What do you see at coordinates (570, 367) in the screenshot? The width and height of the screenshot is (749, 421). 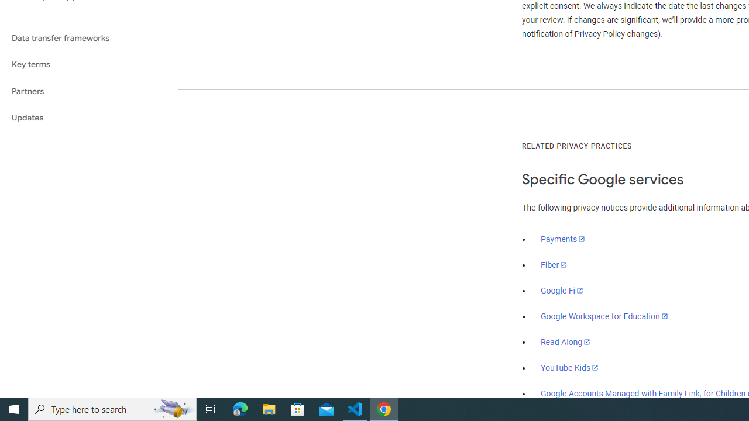 I see `'YouTube Kids'` at bounding box center [570, 367].